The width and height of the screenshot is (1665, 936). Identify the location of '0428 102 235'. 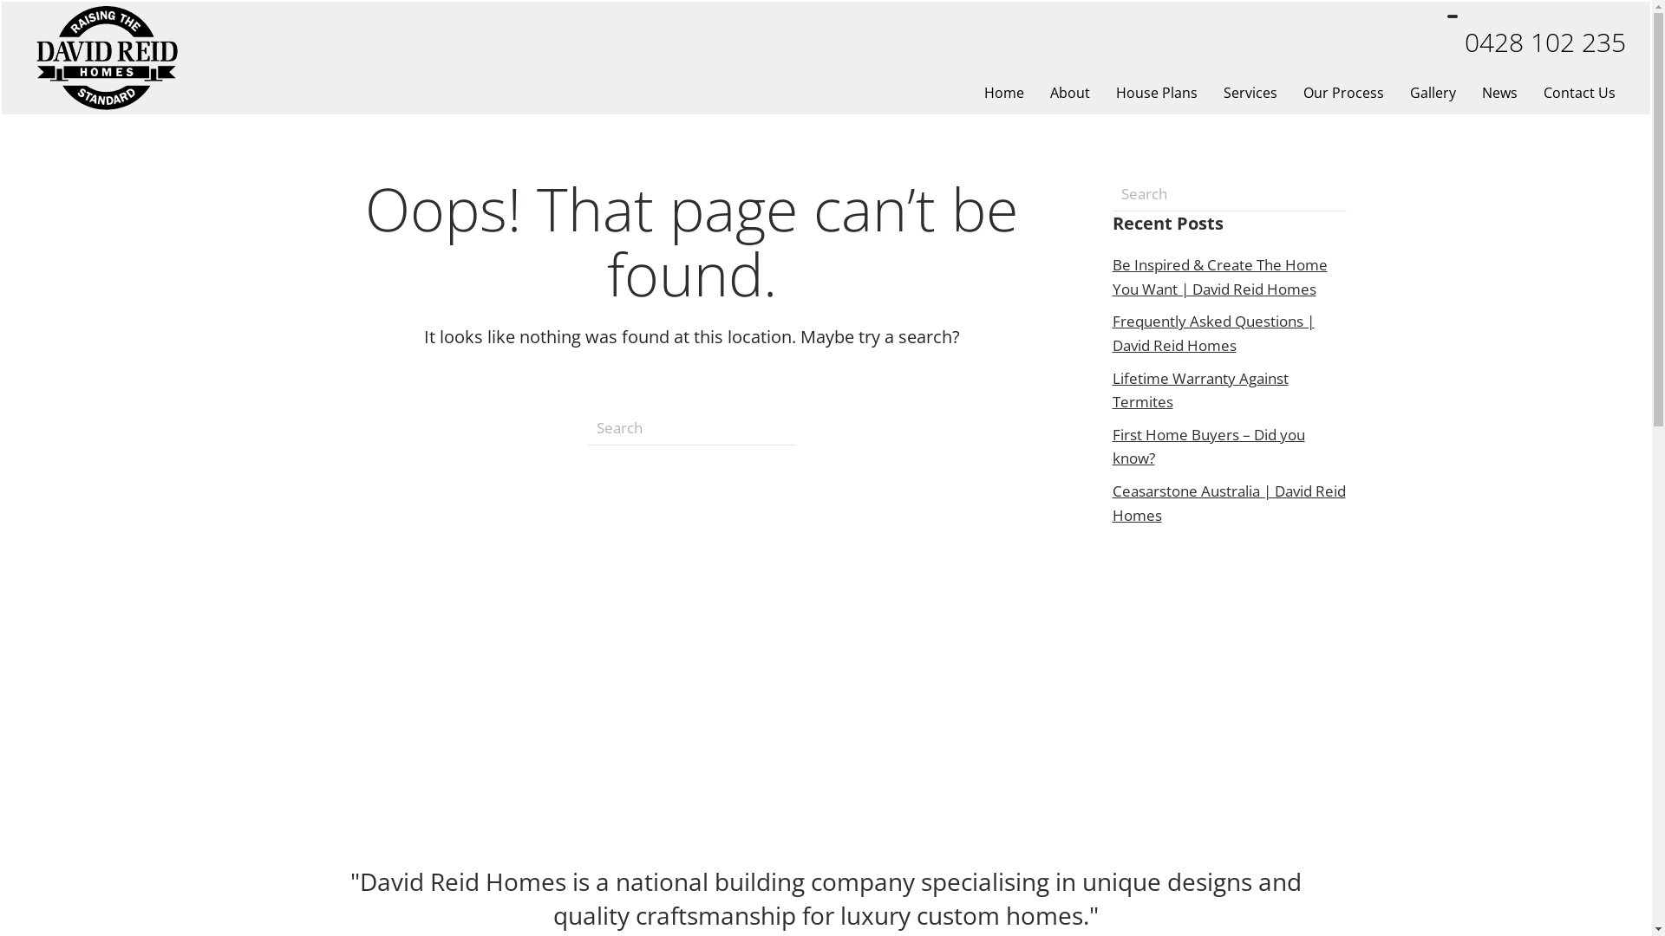
(1544, 42).